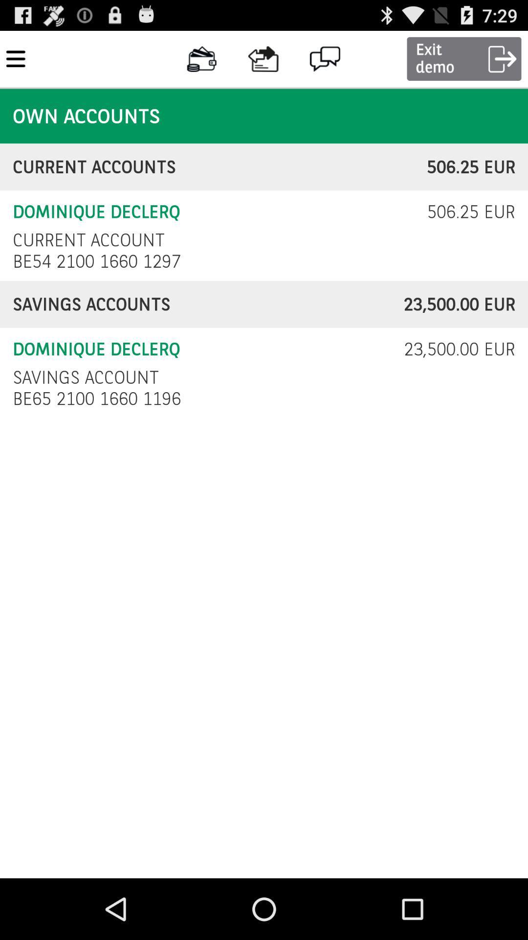 This screenshot has width=528, height=940. What do you see at coordinates (201, 58) in the screenshot?
I see `the button on the right next to the top left corner button on the web page` at bounding box center [201, 58].